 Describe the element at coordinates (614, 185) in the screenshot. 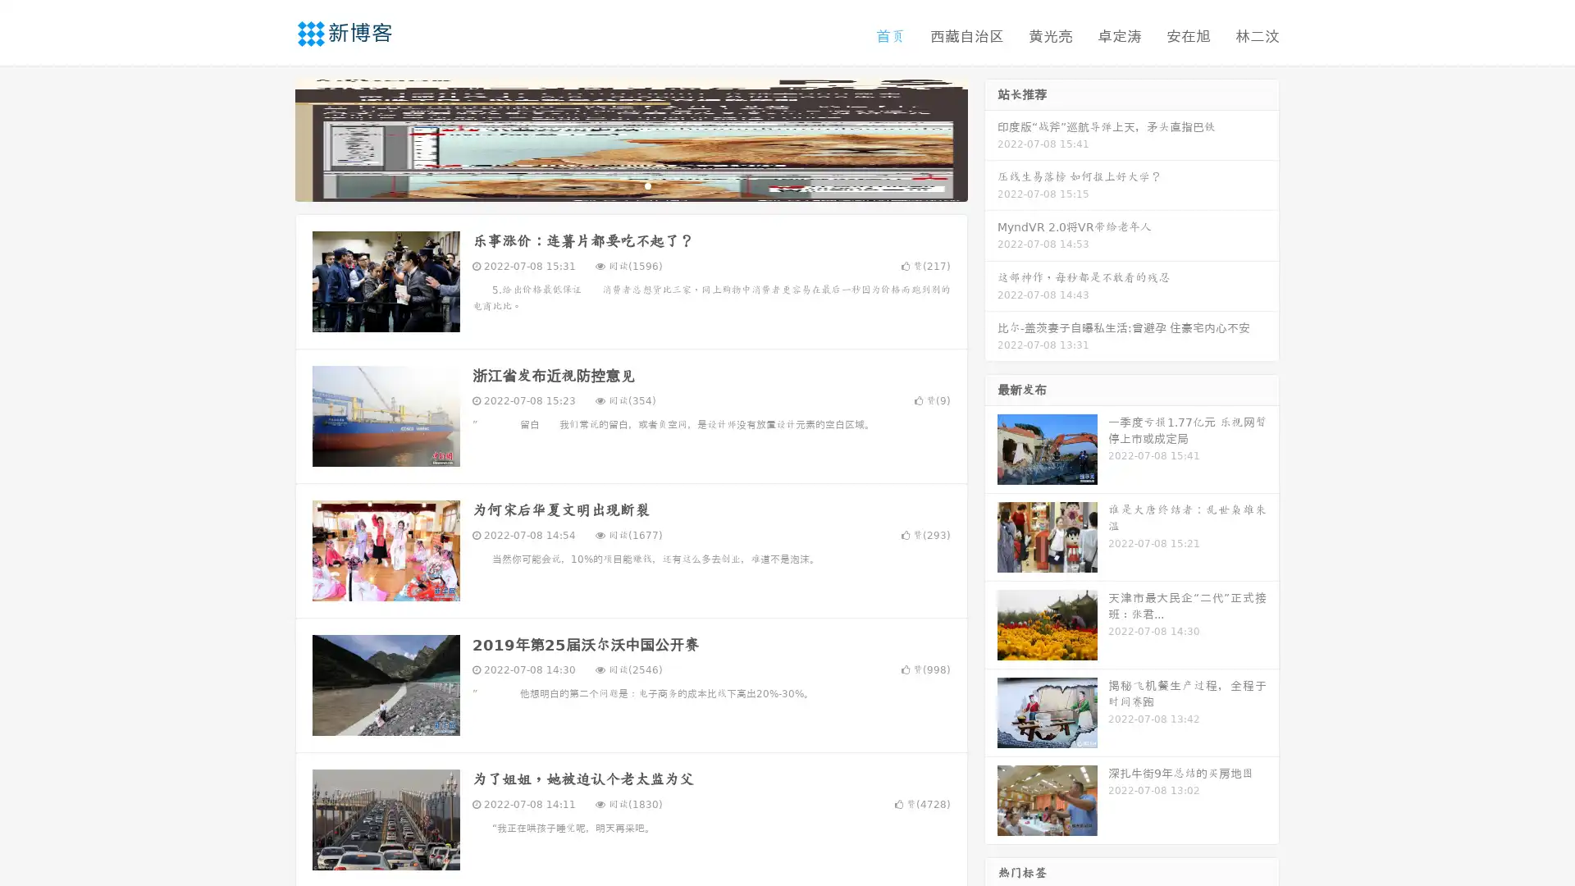

I see `Go to slide 1` at that location.